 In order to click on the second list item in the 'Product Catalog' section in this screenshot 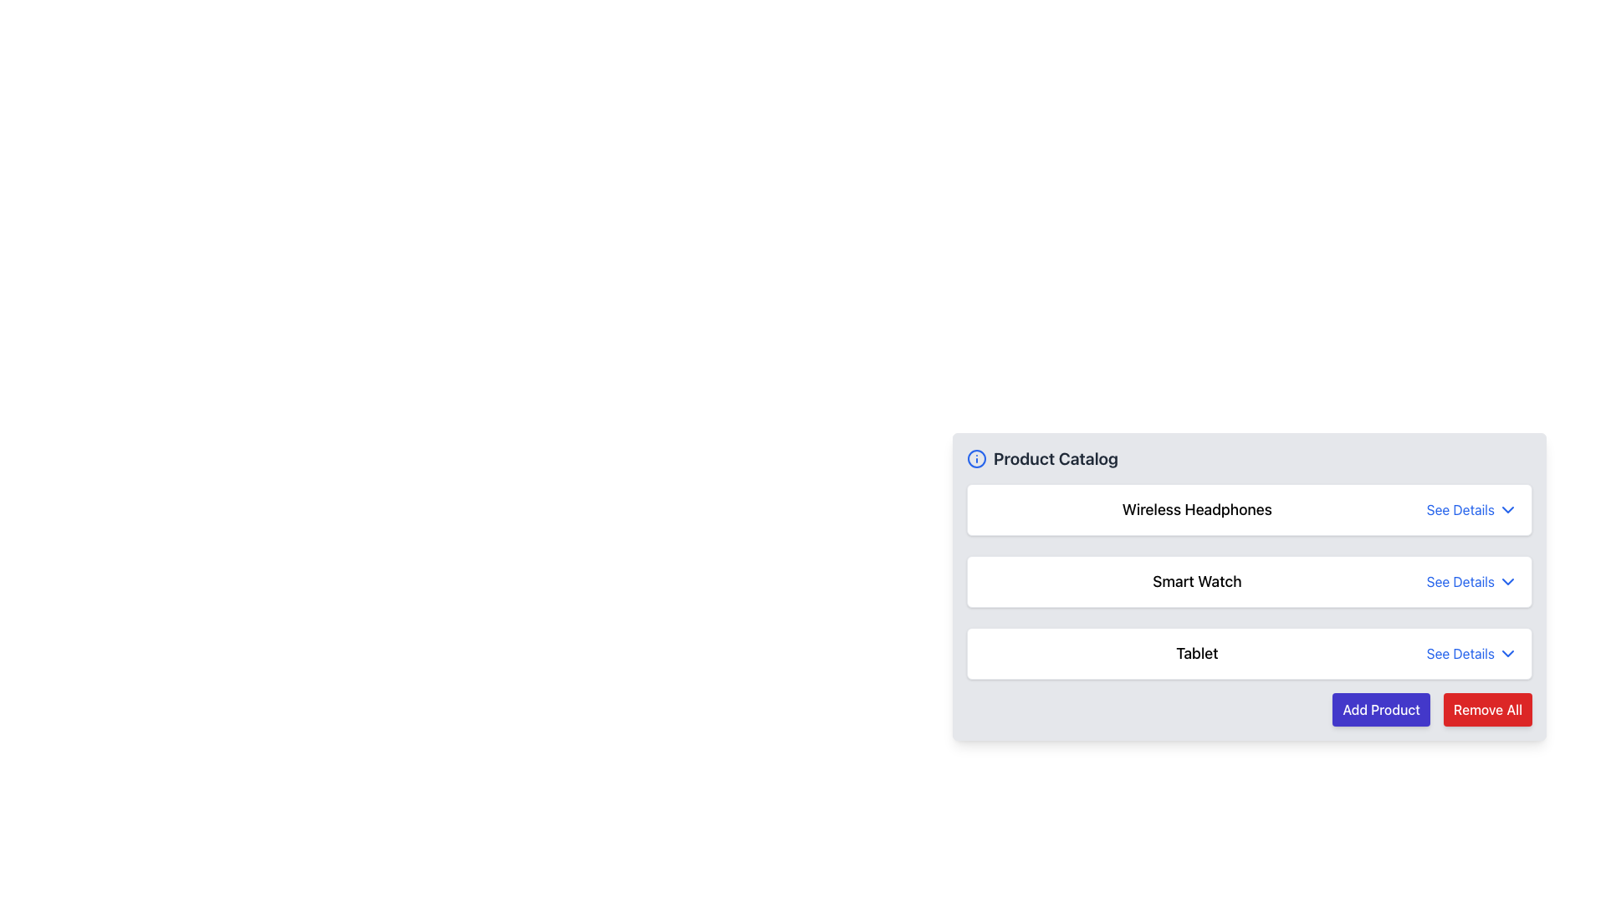, I will do `click(1249, 580)`.